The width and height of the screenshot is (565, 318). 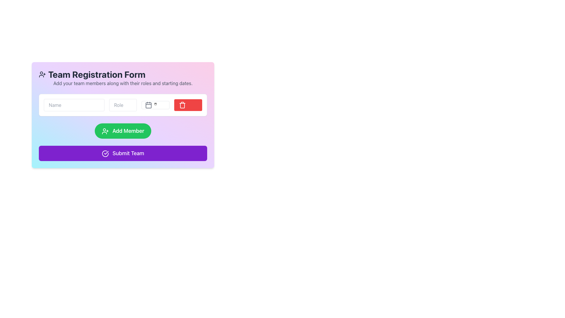 I want to click on the delete button located at the rightmost end of the input form section, so click(x=188, y=105).